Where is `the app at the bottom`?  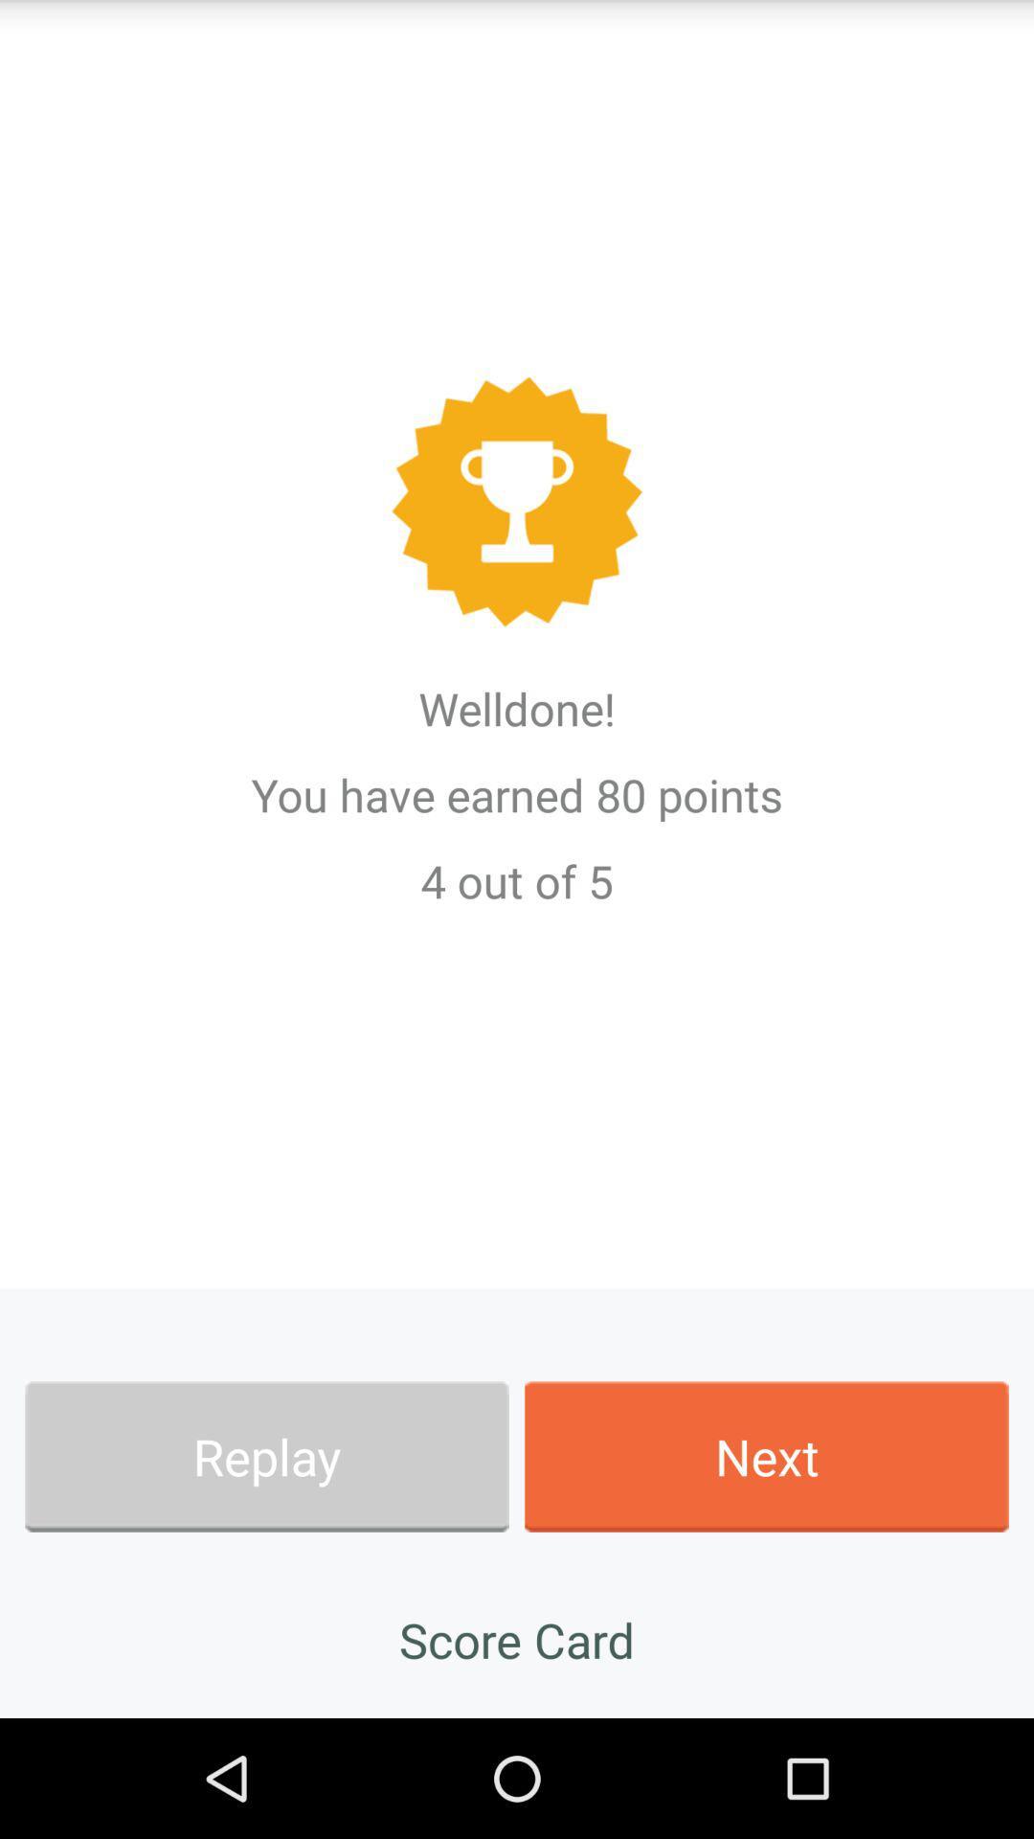
the app at the bottom is located at coordinates (517, 1639).